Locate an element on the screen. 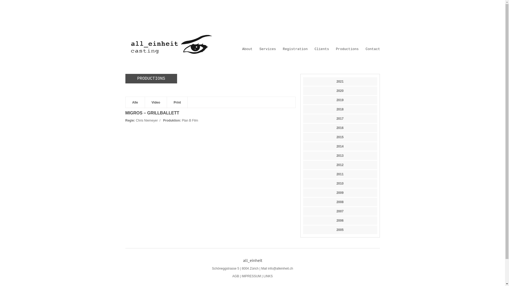 The image size is (509, 286). 'Video' is located at coordinates (145, 102).